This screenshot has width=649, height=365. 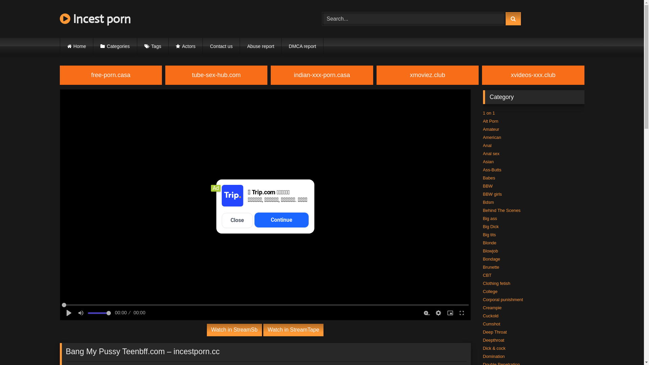 I want to click on 'Clothing fetish', so click(x=496, y=283).